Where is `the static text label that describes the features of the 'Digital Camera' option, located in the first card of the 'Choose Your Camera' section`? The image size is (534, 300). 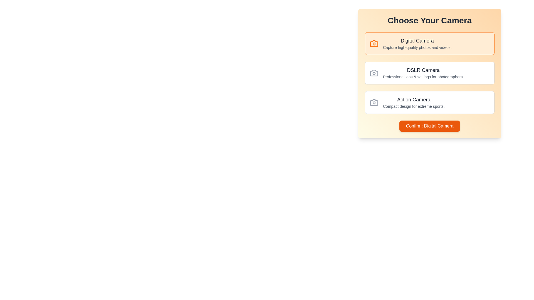
the static text label that describes the features of the 'Digital Camera' option, located in the first card of the 'Choose Your Camera' section is located at coordinates (417, 47).